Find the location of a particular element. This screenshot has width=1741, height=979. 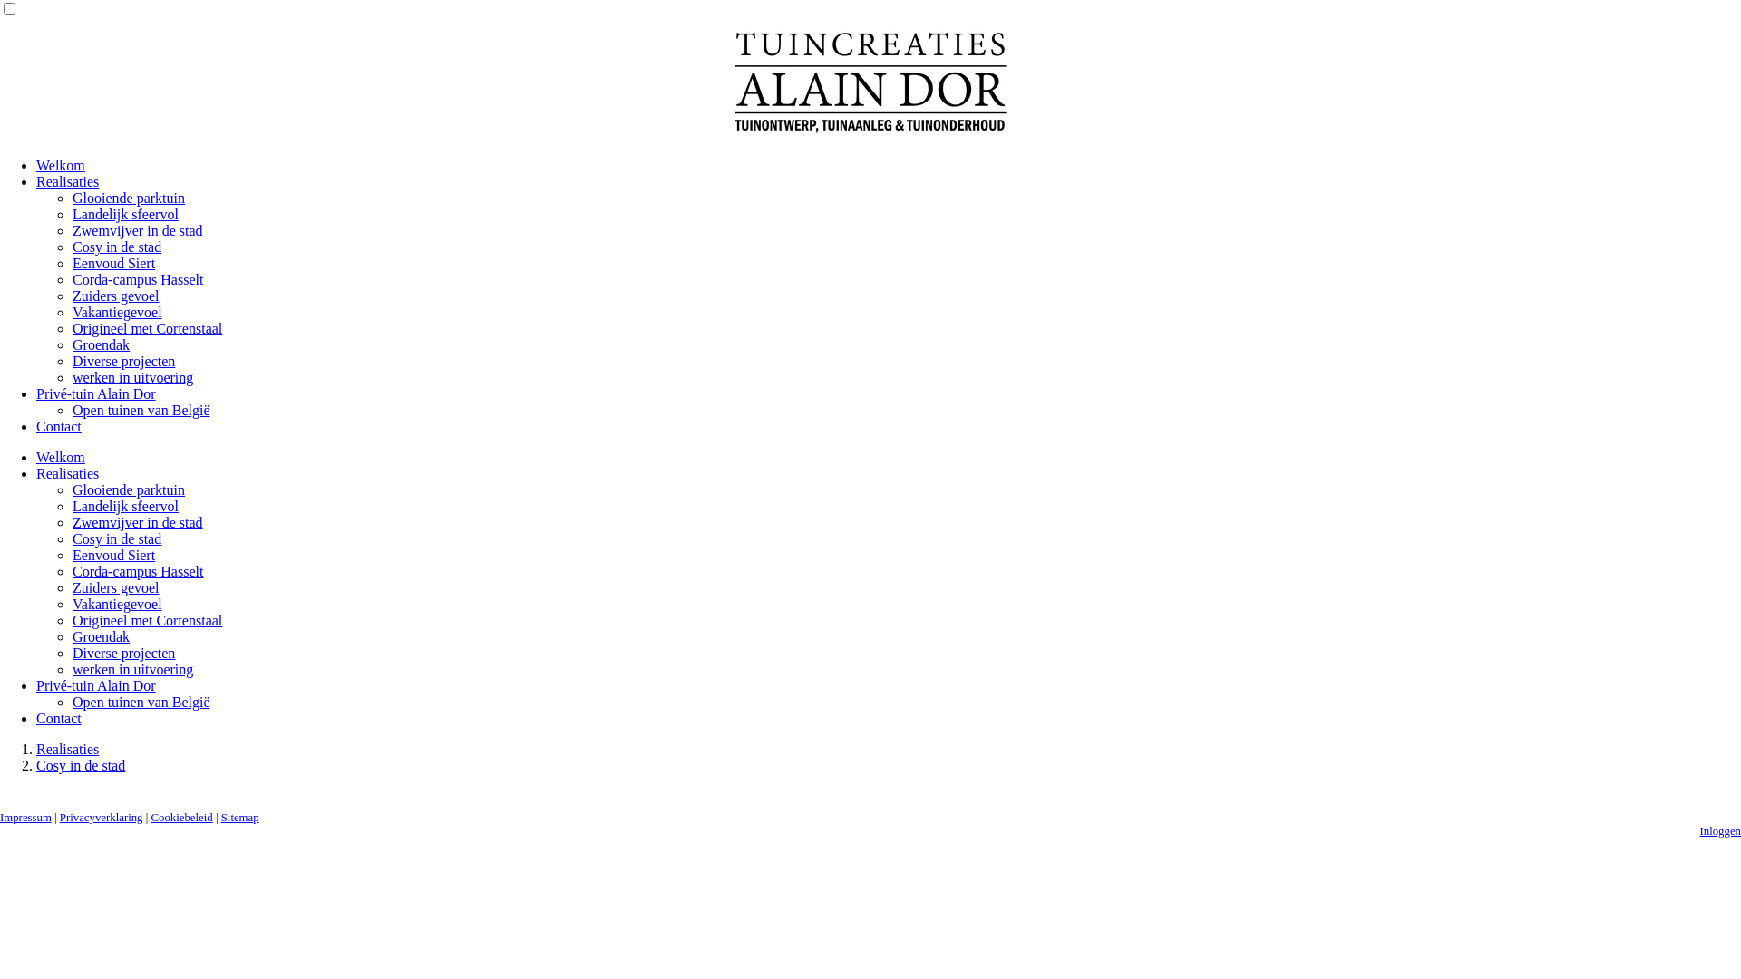

'Glooiende parktuin' is located at coordinates (128, 198).